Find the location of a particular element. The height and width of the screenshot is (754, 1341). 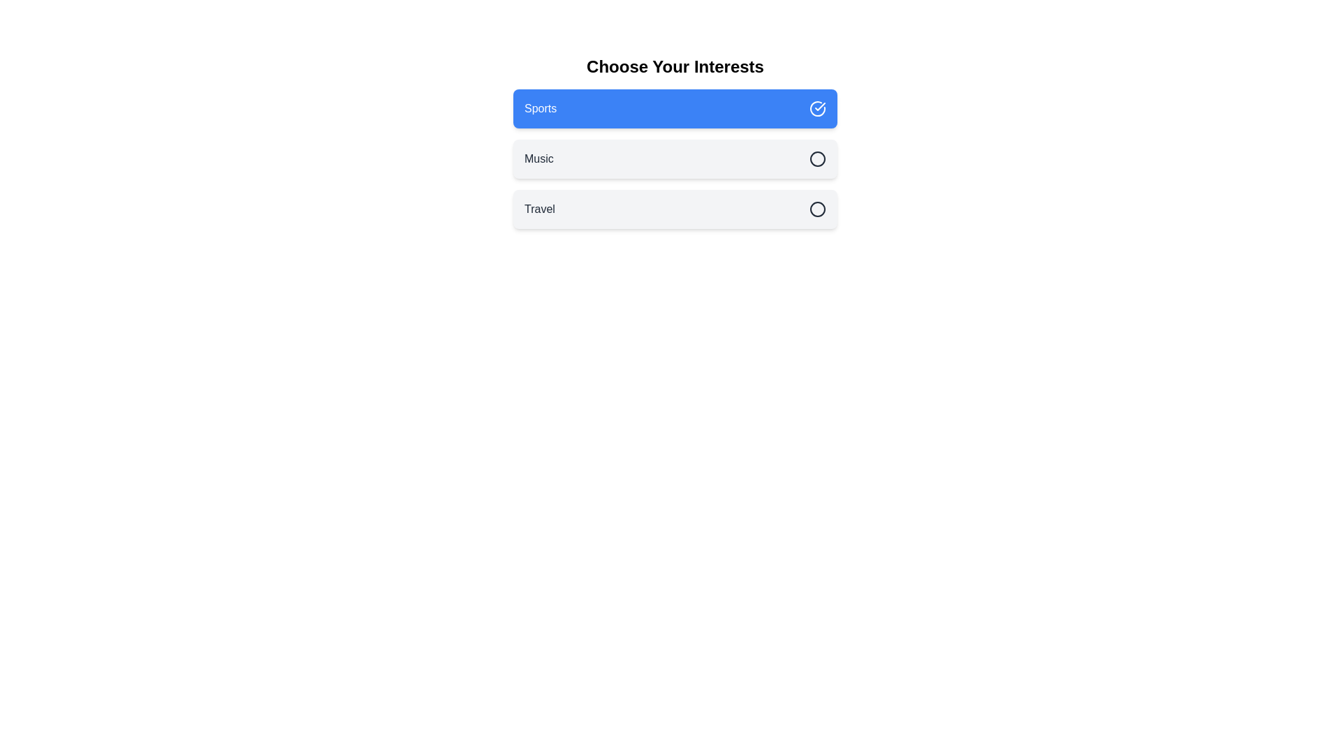

the chip labeled Sports is located at coordinates (675, 108).